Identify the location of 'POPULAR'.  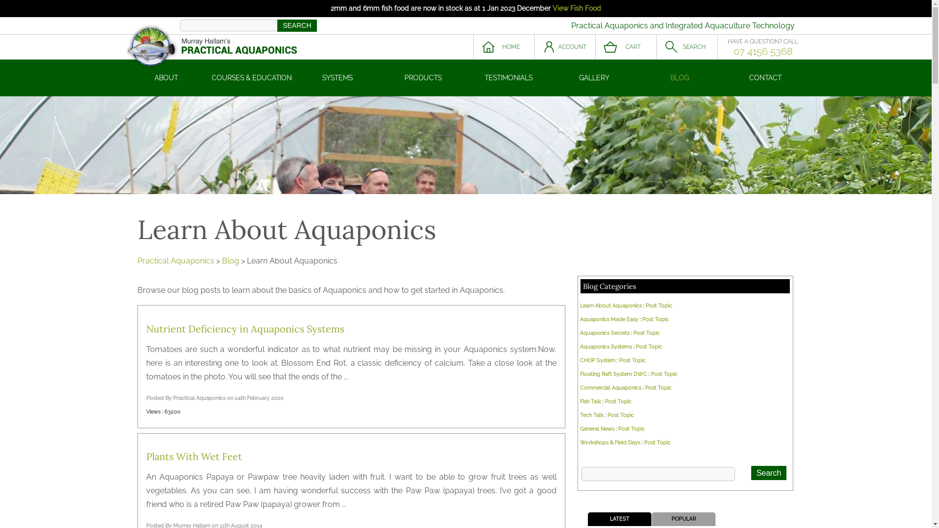
(683, 518).